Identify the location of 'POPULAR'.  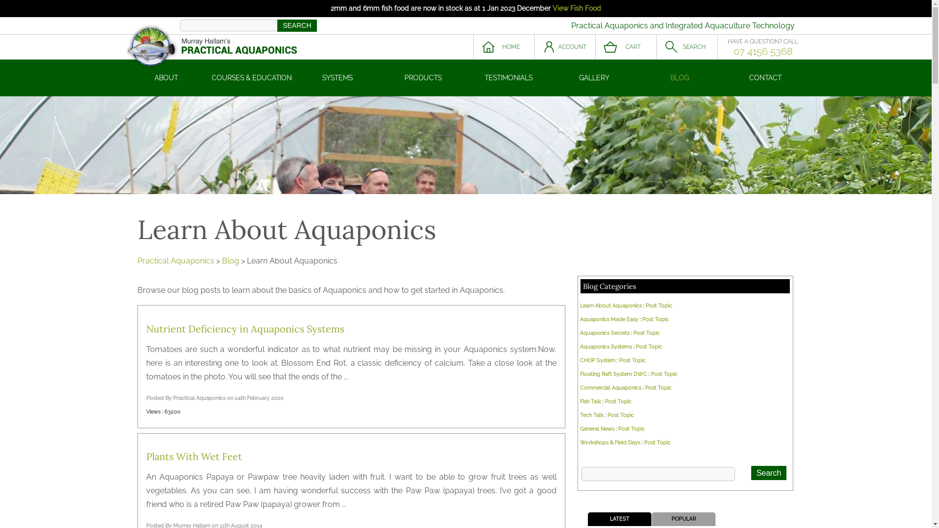
(683, 518).